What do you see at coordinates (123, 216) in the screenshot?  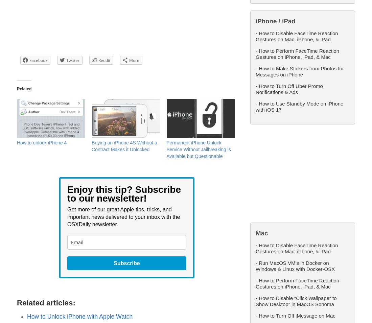 I see `'Get more of our great Apple tips, tricks, and important news delivered to your inbox with the OSXDaily newsletter.'` at bounding box center [123, 216].